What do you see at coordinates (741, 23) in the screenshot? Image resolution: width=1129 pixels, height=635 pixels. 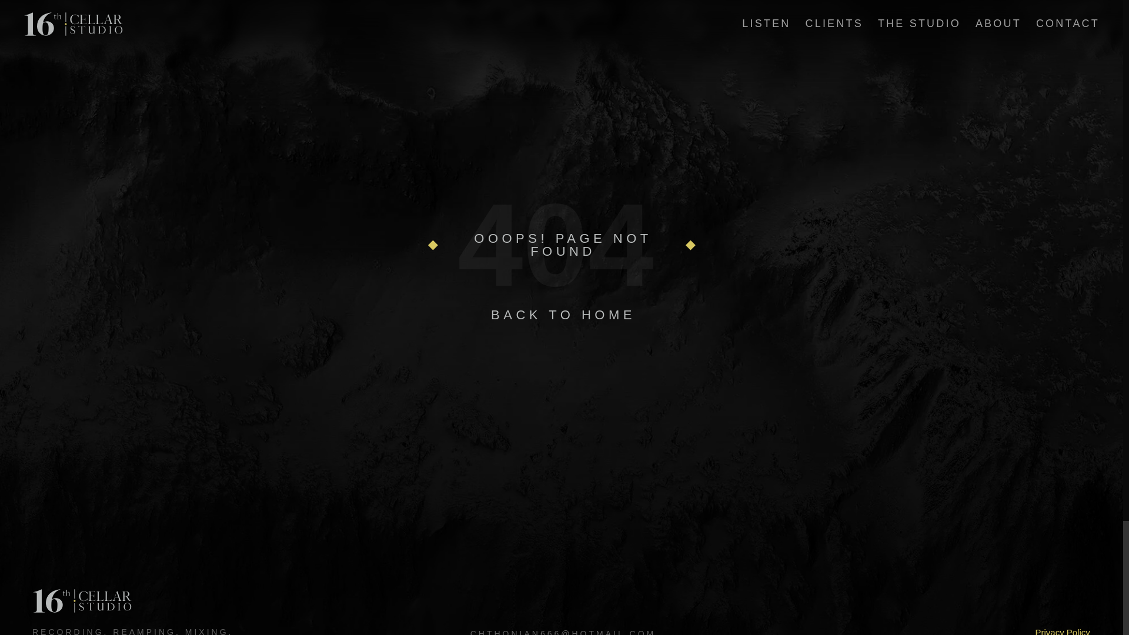 I see `'LISTEN'` at bounding box center [741, 23].